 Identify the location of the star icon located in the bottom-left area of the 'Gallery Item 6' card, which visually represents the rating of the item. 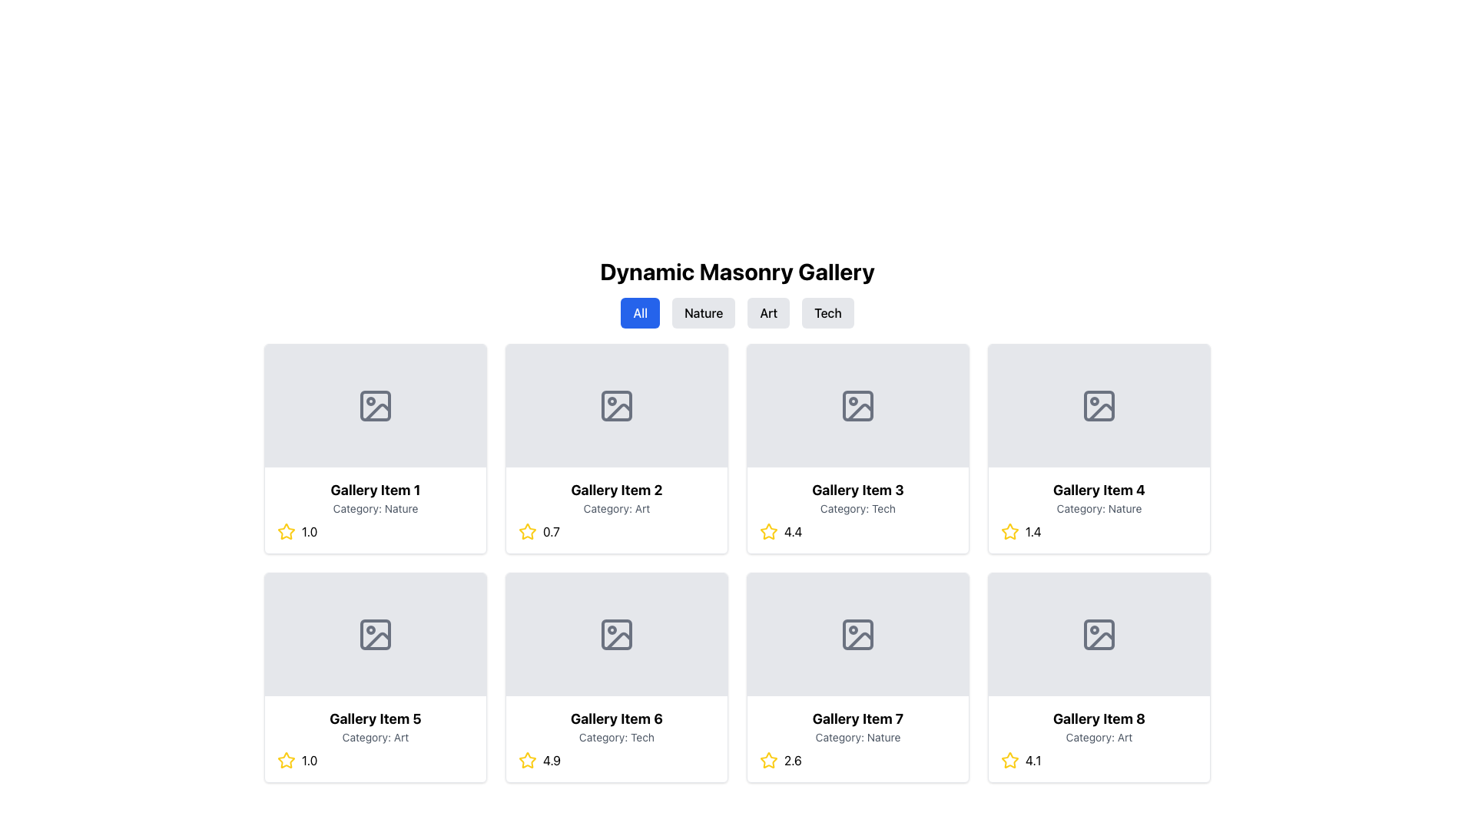
(527, 760).